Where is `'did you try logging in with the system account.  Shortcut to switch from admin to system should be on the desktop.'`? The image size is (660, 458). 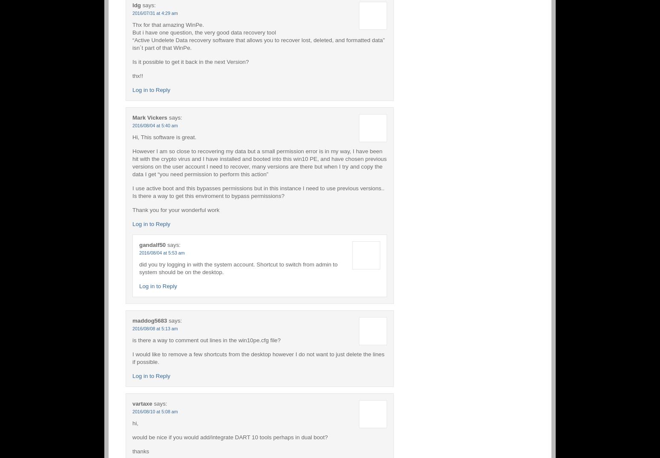 'did you try logging in with the system account.  Shortcut to switch from admin to system should be on the desktop.' is located at coordinates (139, 267).